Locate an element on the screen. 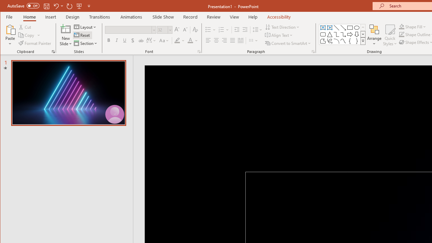 Image resolution: width=432 pixels, height=243 pixels. 'Clear Formatting' is located at coordinates (195, 29).